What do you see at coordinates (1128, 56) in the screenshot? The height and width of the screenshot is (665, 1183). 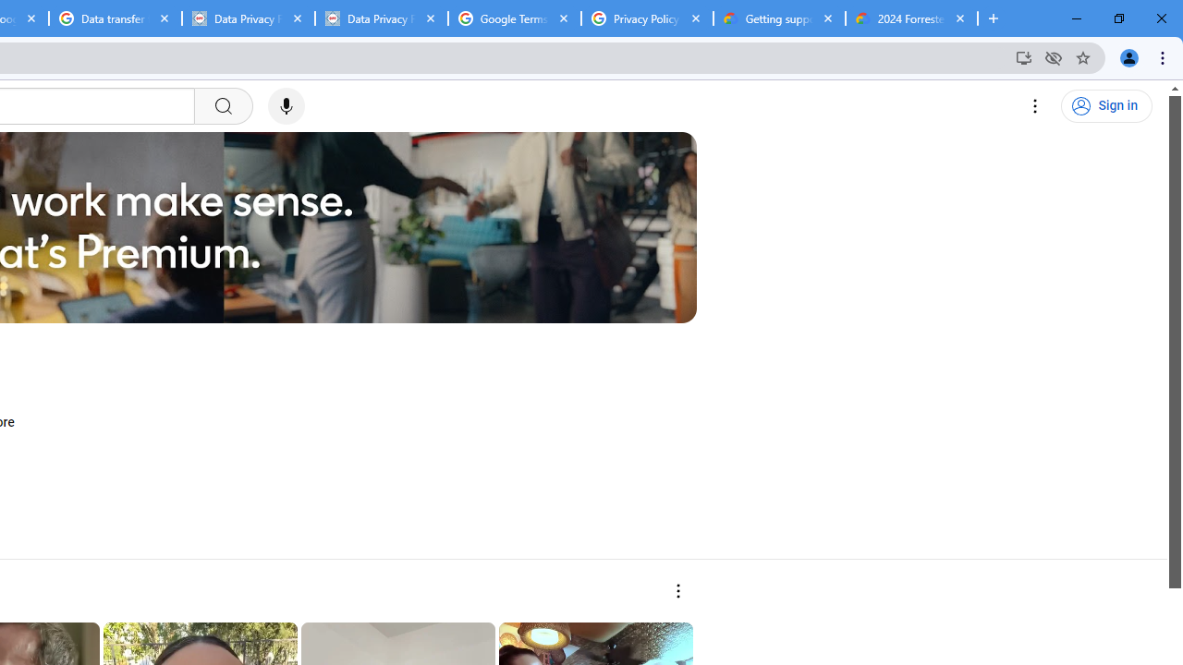 I see `'You'` at bounding box center [1128, 56].